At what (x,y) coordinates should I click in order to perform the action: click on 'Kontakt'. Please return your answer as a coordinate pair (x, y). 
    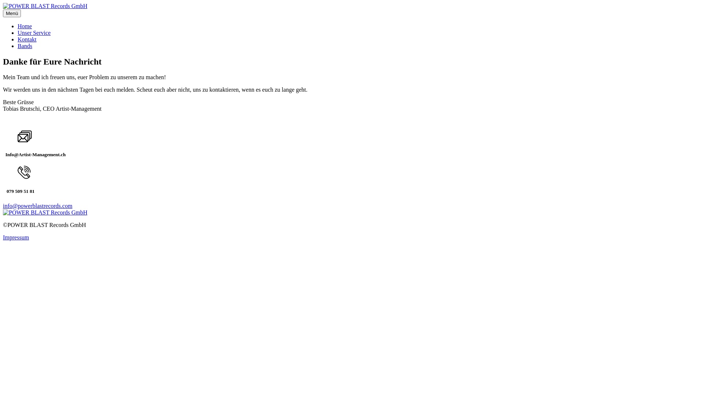
    Looking at the image, I should click on (27, 39).